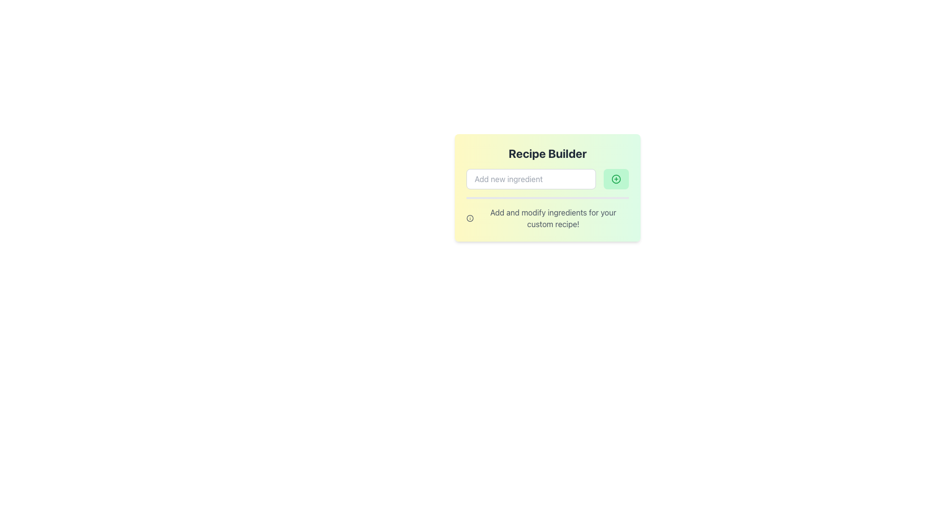  What do you see at coordinates (470, 218) in the screenshot?
I see `the outermost circle of the 'info' icon located in the lower-left corner of the 'Recipe Builder' card` at bounding box center [470, 218].